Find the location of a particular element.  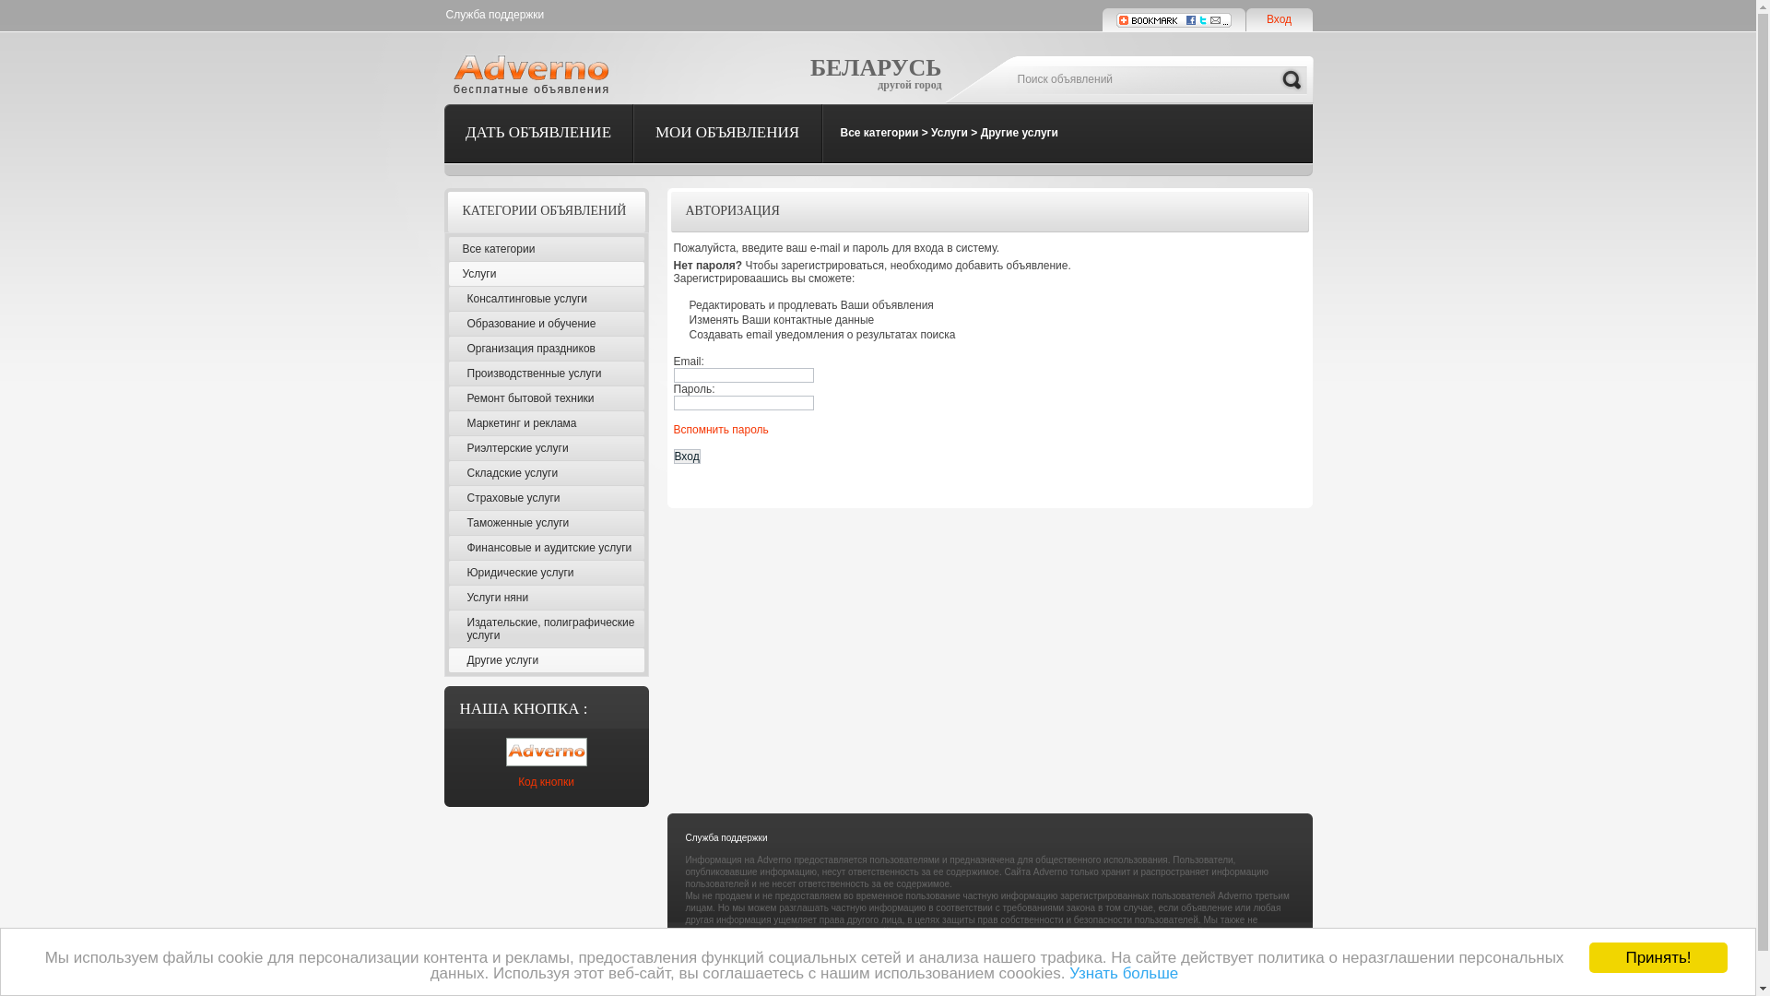

'Search' is located at coordinates (1291, 79).